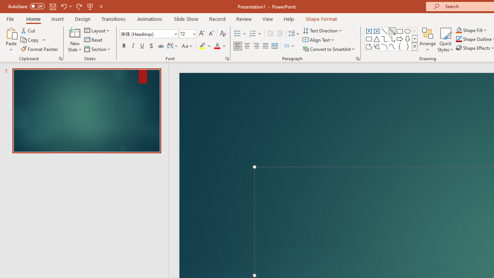 The image size is (494, 278). Describe the element at coordinates (220, 46) in the screenshot. I see `'Font Color'` at that location.